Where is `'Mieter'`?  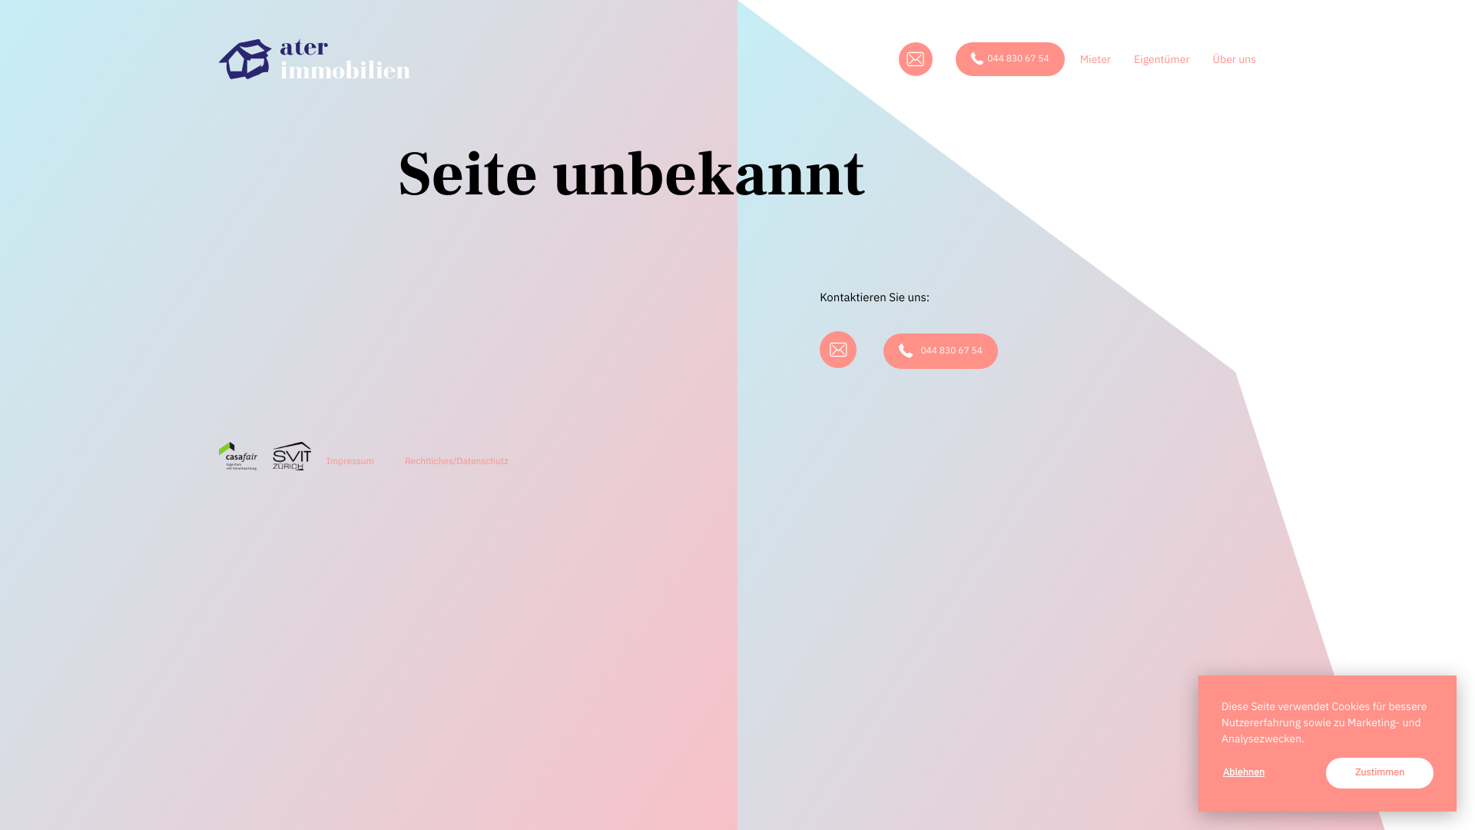
'Mieter' is located at coordinates (1079, 58).